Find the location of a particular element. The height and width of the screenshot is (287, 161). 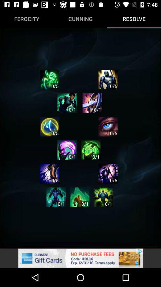

the avatar icon is located at coordinates (108, 79).